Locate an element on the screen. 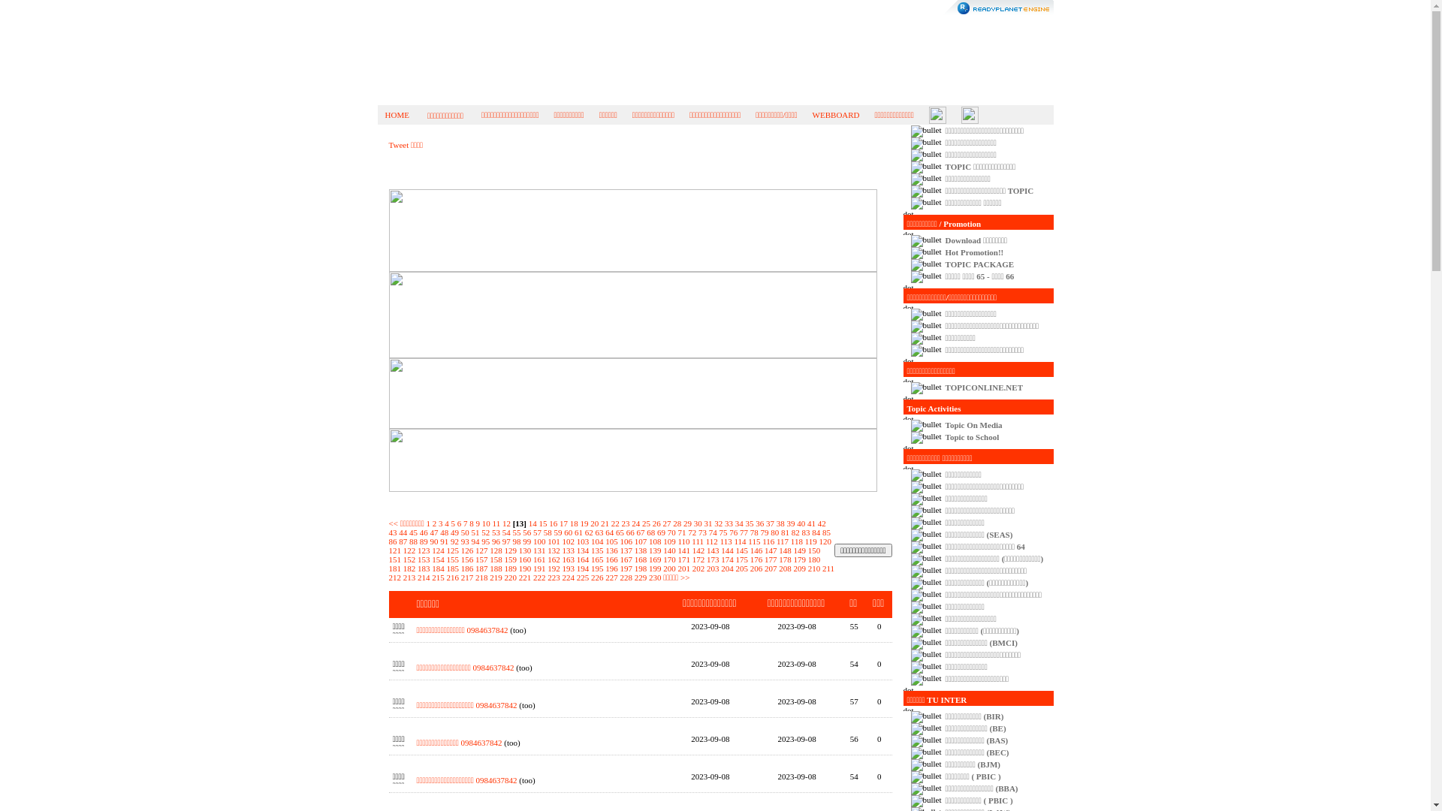 The height and width of the screenshot is (811, 1442). '120' is located at coordinates (825, 541).